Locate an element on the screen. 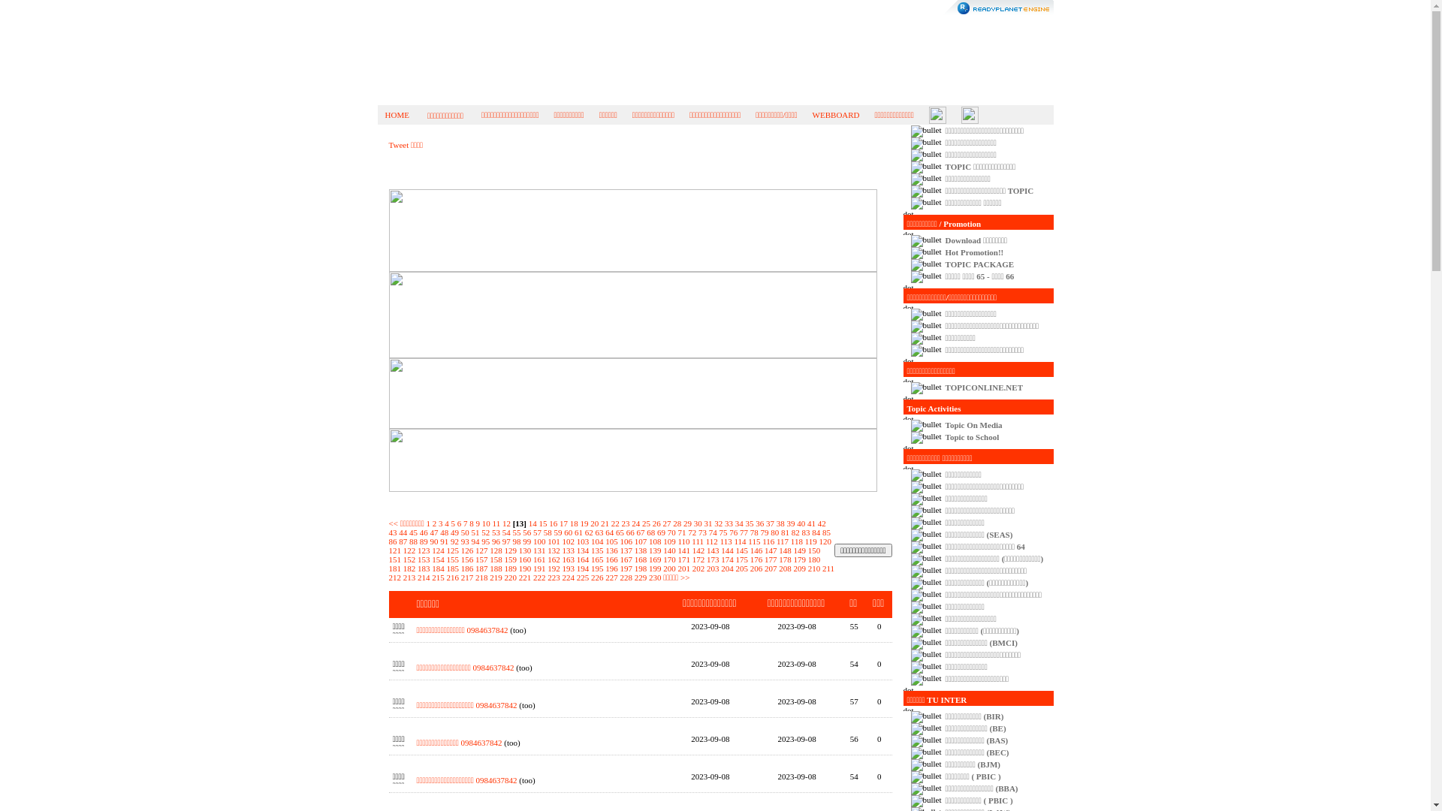 The height and width of the screenshot is (811, 1442). '120' is located at coordinates (825, 541).